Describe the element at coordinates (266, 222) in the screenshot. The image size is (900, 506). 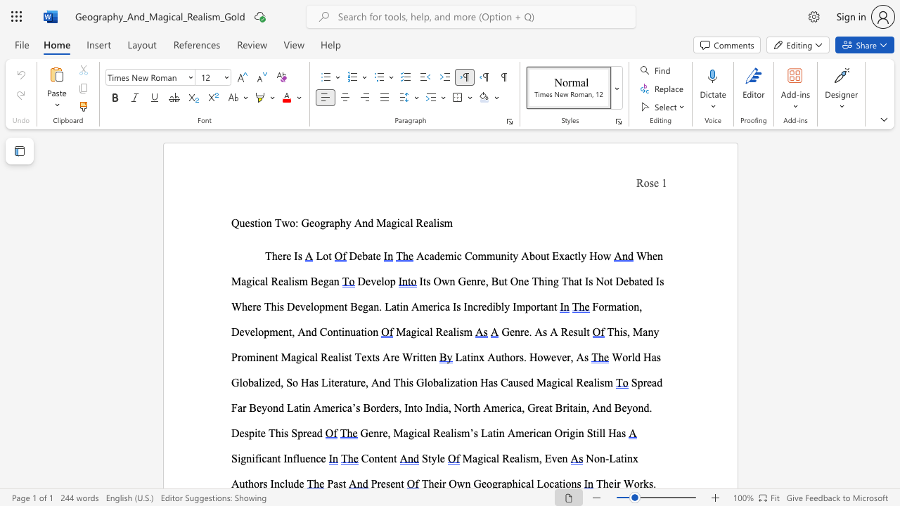
I see `the subset text "n Two: Geography And Magic" within the text "Question Two: Geography And Magical Realism"` at that location.